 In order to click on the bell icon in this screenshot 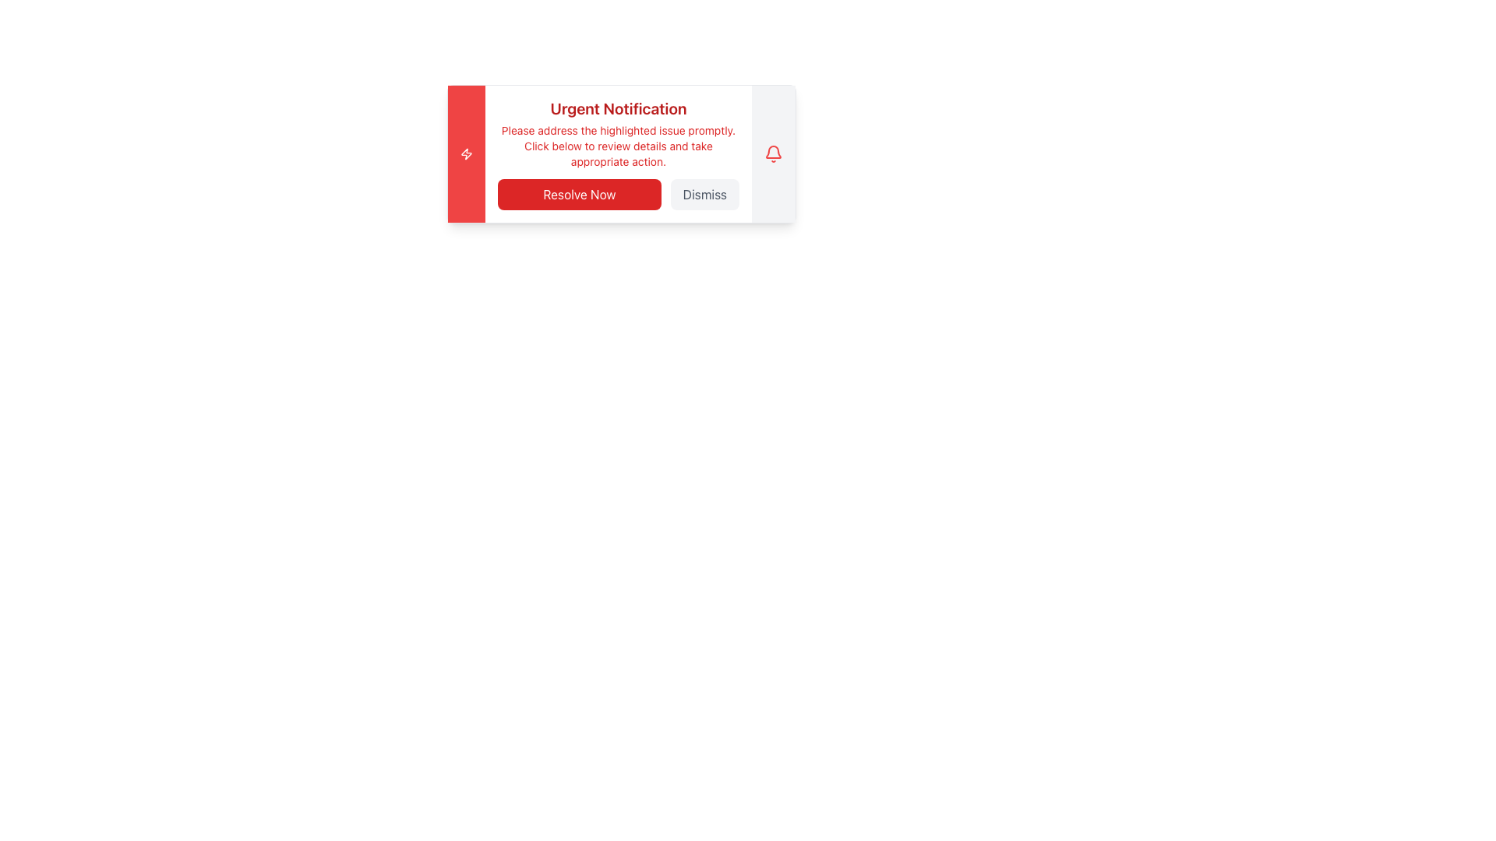, I will do `click(774, 153)`.